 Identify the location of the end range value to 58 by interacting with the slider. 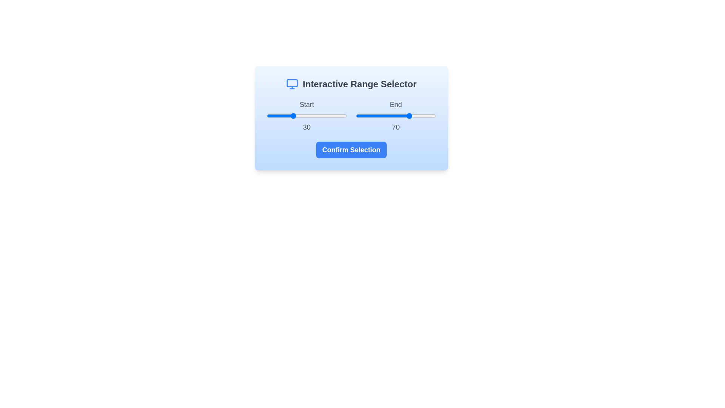
(402, 116).